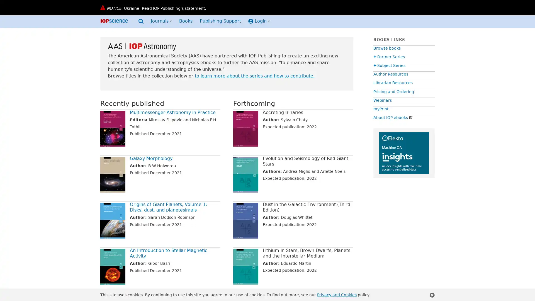  Describe the element at coordinates (432, 295) in the screenshot. I see `Close this notification` at that location.